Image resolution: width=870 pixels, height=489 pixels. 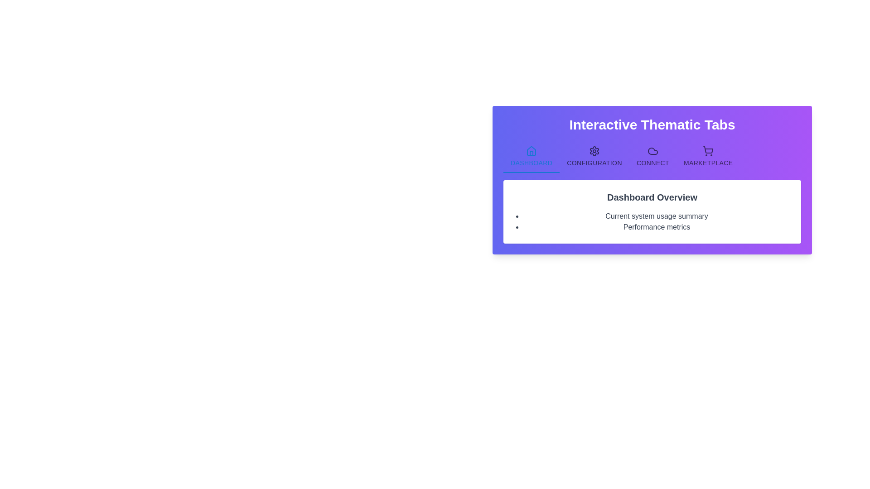 I want to click on the gear configuration icon in the top navigation bar, so click(x=594, y=151).